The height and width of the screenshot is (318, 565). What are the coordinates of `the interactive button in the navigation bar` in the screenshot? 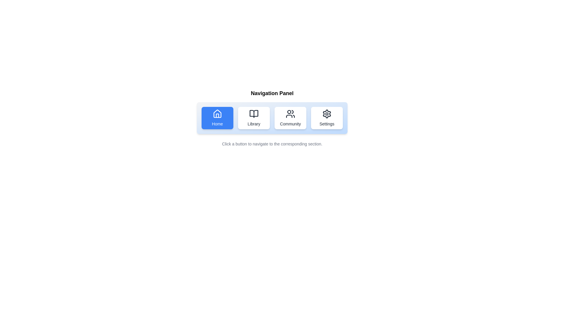 It's located at (272, 118).